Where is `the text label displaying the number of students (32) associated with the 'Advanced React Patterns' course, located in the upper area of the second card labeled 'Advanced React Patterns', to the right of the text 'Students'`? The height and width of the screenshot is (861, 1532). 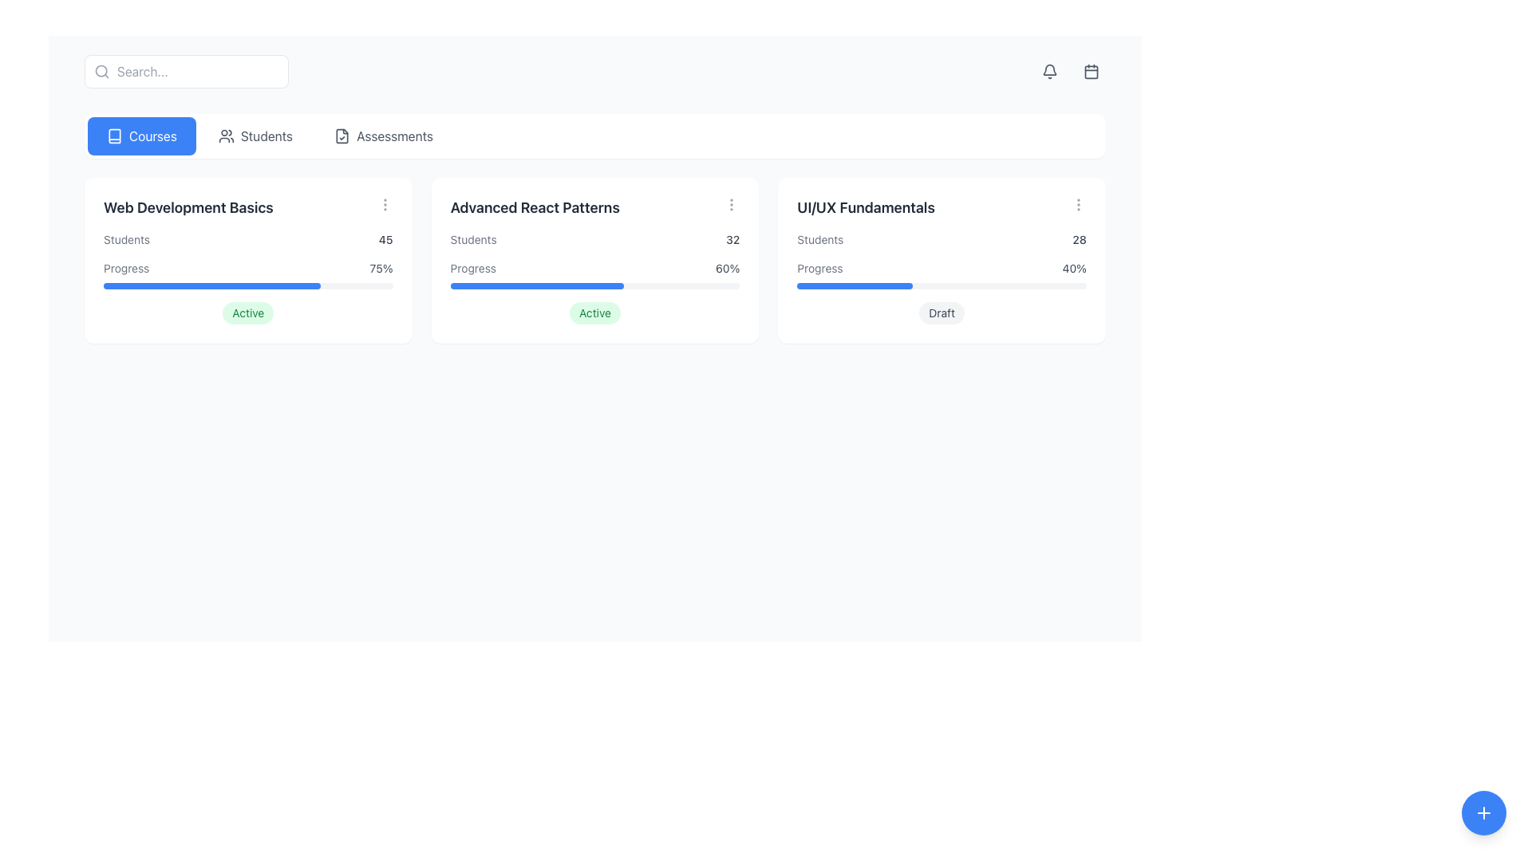 the text label displaying the number of students (32) associated with the 'Advanced React Patterns' course, located in the upper area of the second card labeled 'Advanced React Patterns', to the right of the text 'Students' is located at coordinates (732, 239).